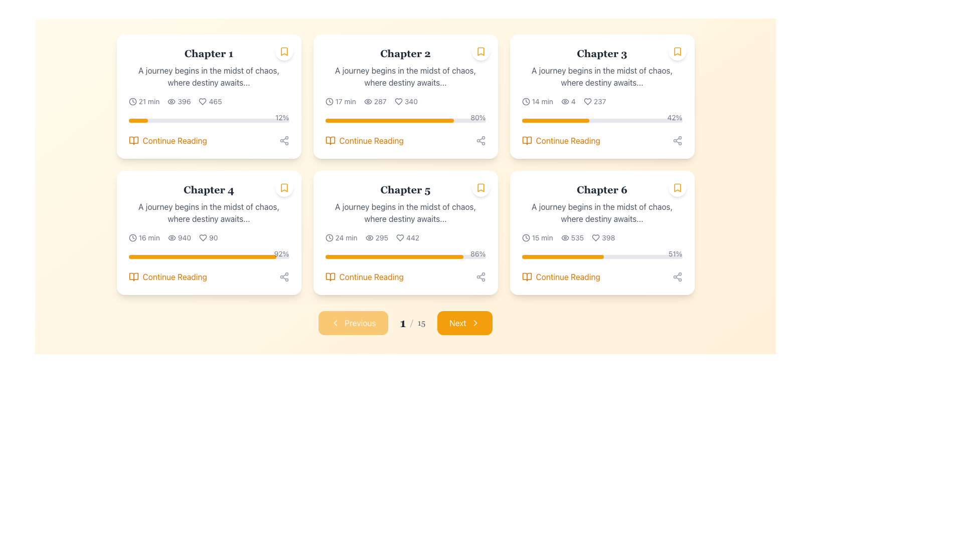  What do you see at coordinates (336, 323) in the screenshot?
I see `the leftward-facing arrow icon, which is part of the 'Previous' button located at the bottom-left corner of the navigation controls grid` at bounding box center [336, 323].